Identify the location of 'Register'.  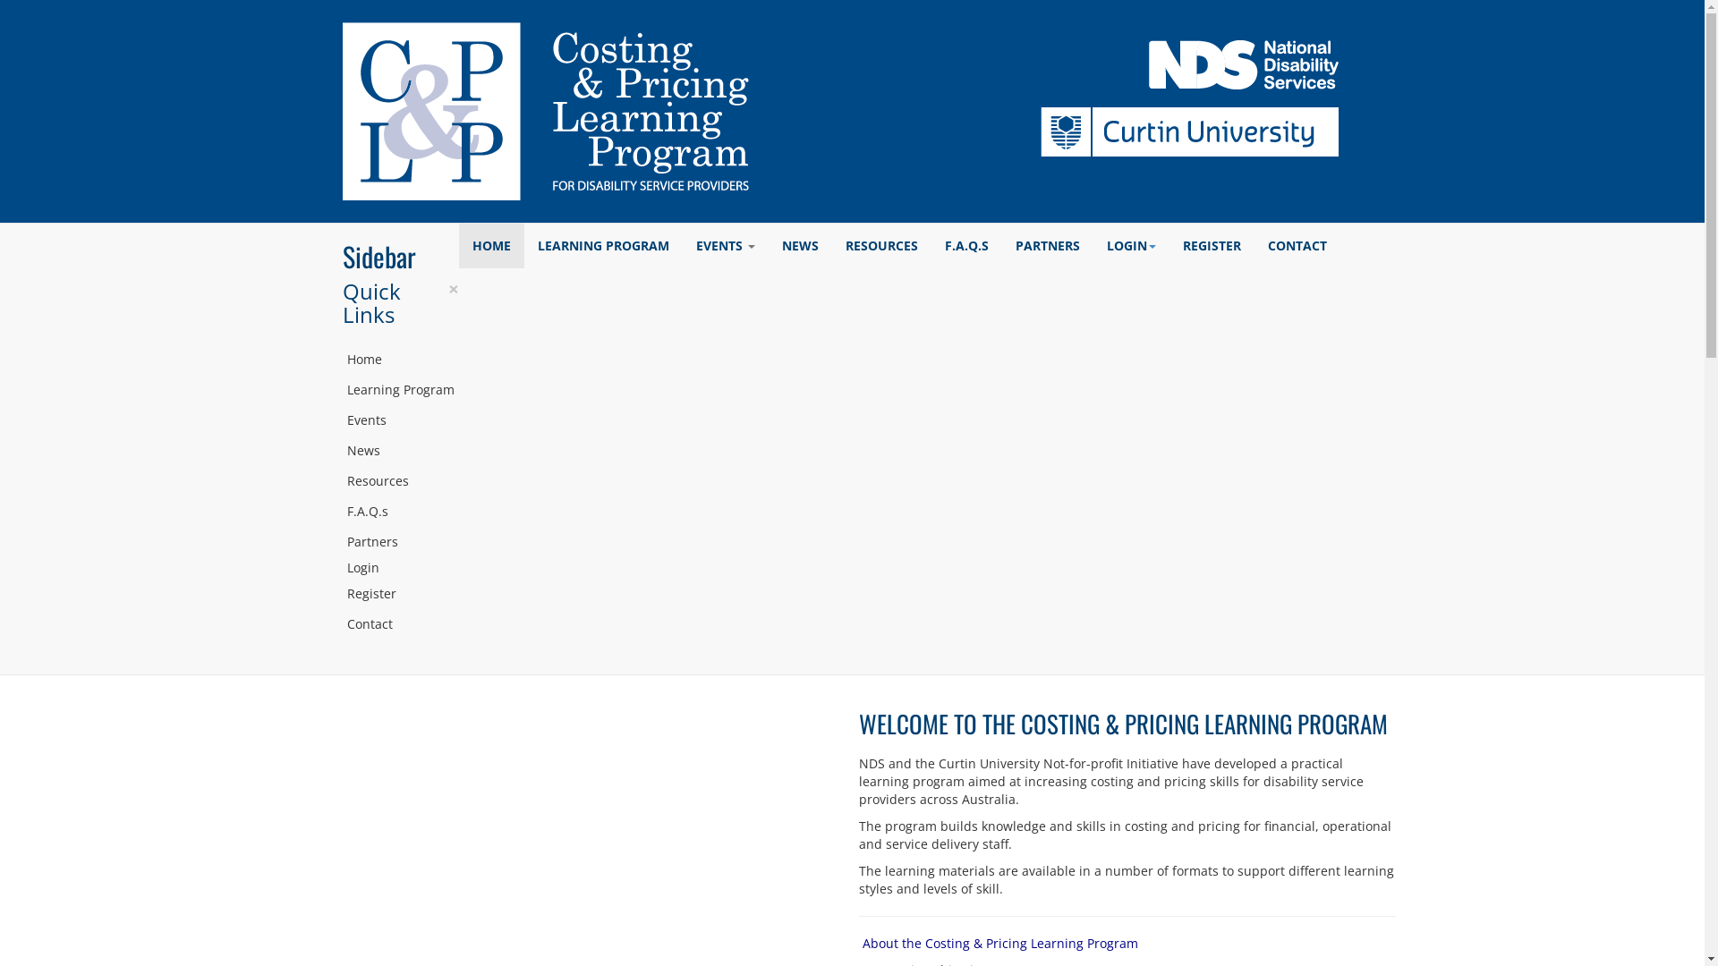
(398, 593).